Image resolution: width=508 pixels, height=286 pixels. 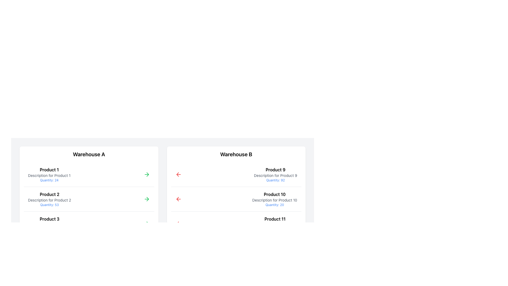 I want to click on the leftward-pointing red arrow icon located next to the 'Product 10' description in Warehouse B, so click(x=178, y=199).